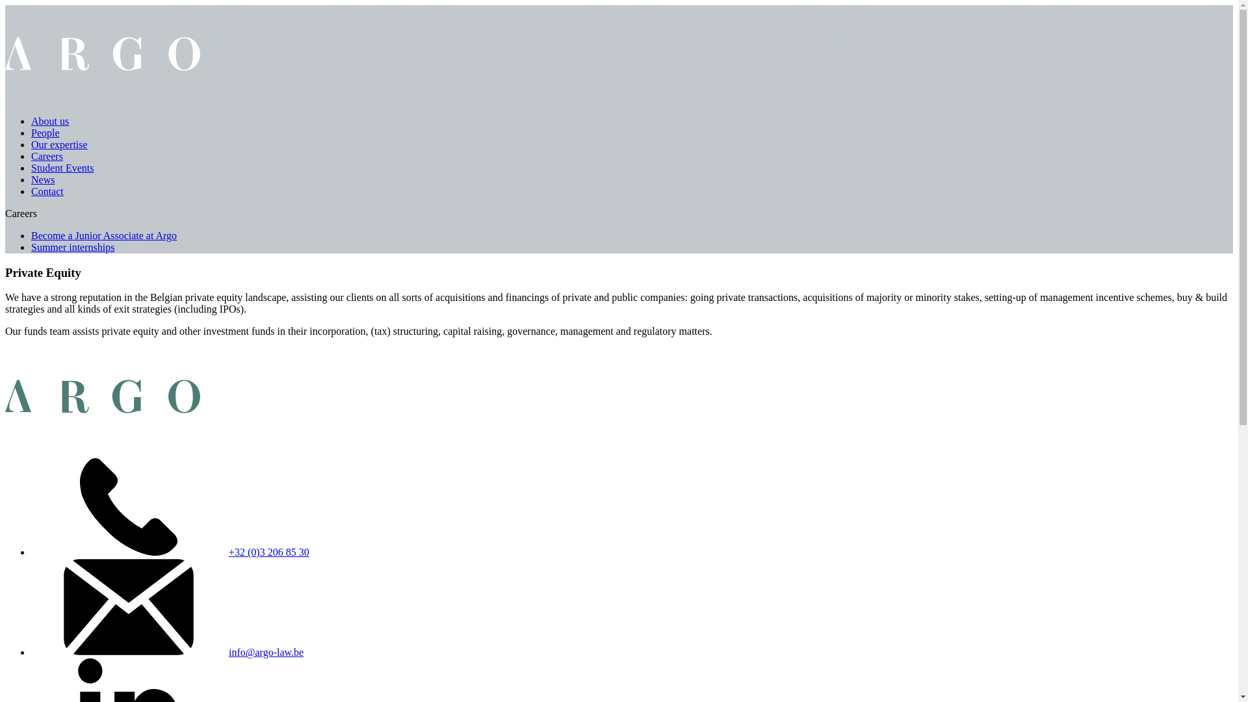 Image resolution: width=1248 pixels, height=702 pixels. I want to click on 'News', so click(43, 179).